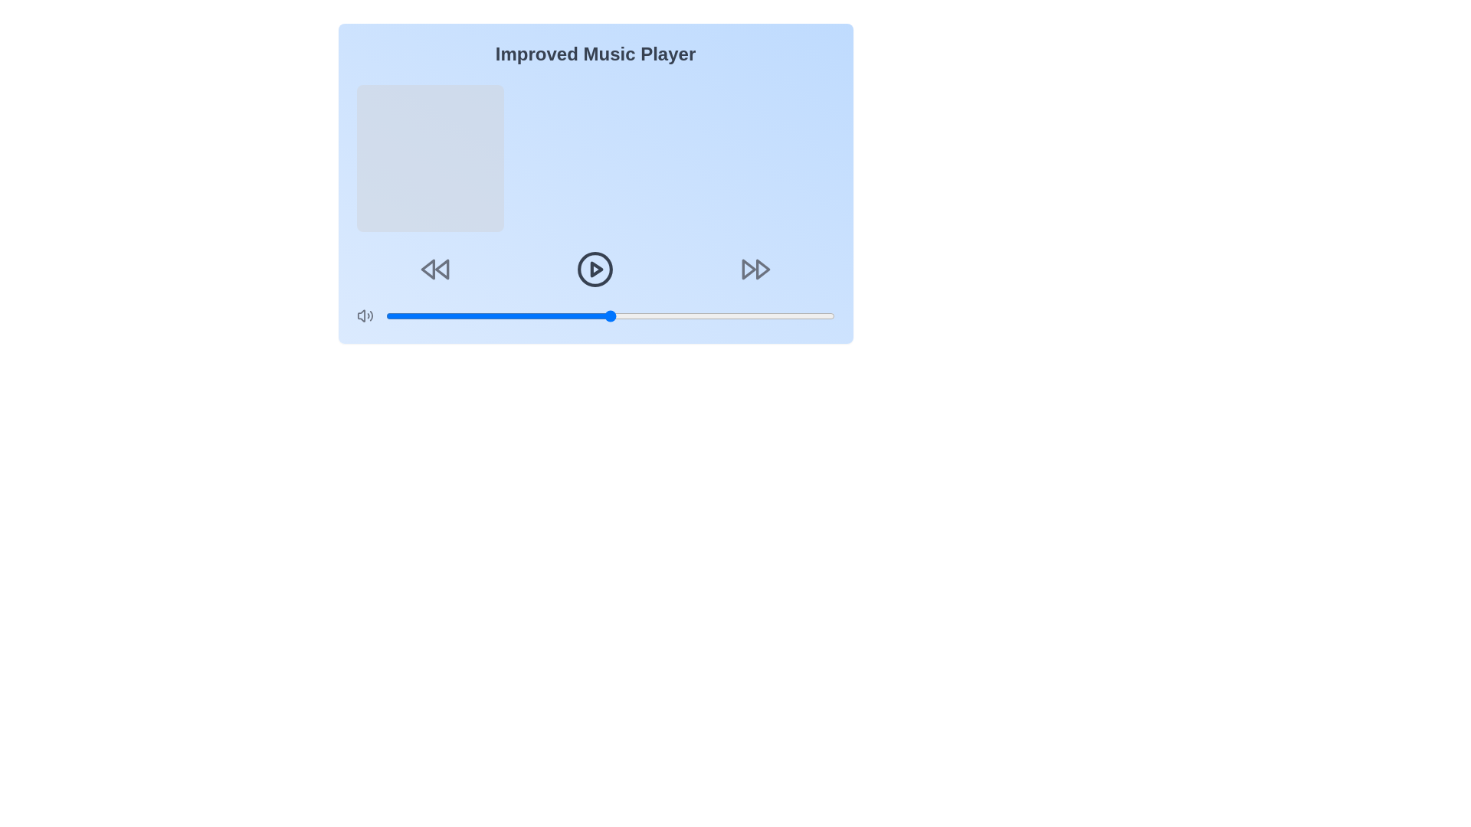 This screenshot has width=1471, height=827. Describe the element at coordinates (360, 315) in the screenshot. I see `the first segment of the volume control icon, which is a trapezoid with a gray outline located in the bottom-left corner of the music player UI` at that location.